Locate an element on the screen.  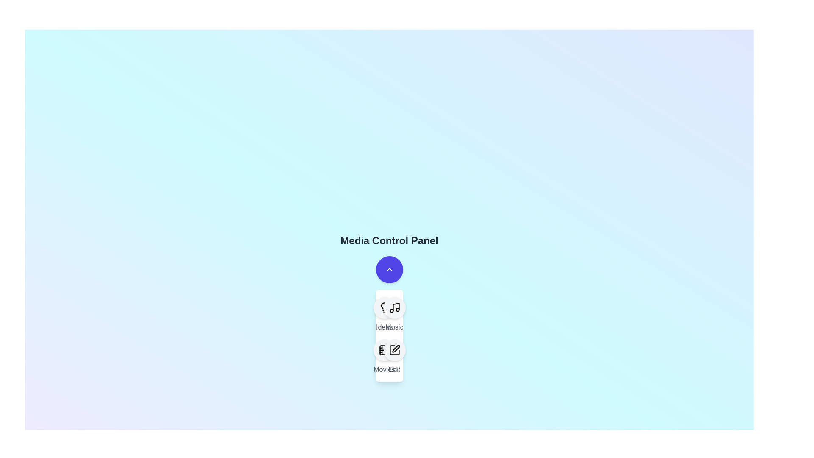
the Movies option in the menu is located at coordinates (384, 350).